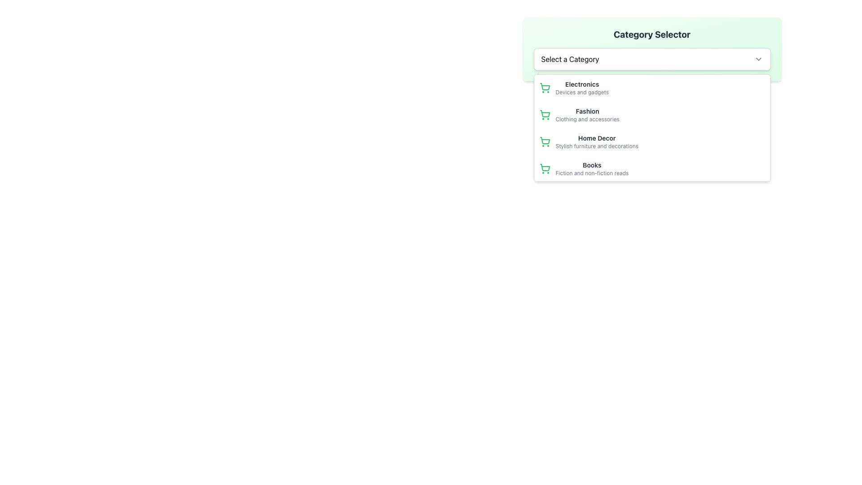 The image size is (862, 485). Describe the element at coordinates (587, 114) in the screenshot. I see `the 'Fashion' category text label located in the dropdown menu titled 'Category Selector', which is the second option following 'Electronics'` at that location.